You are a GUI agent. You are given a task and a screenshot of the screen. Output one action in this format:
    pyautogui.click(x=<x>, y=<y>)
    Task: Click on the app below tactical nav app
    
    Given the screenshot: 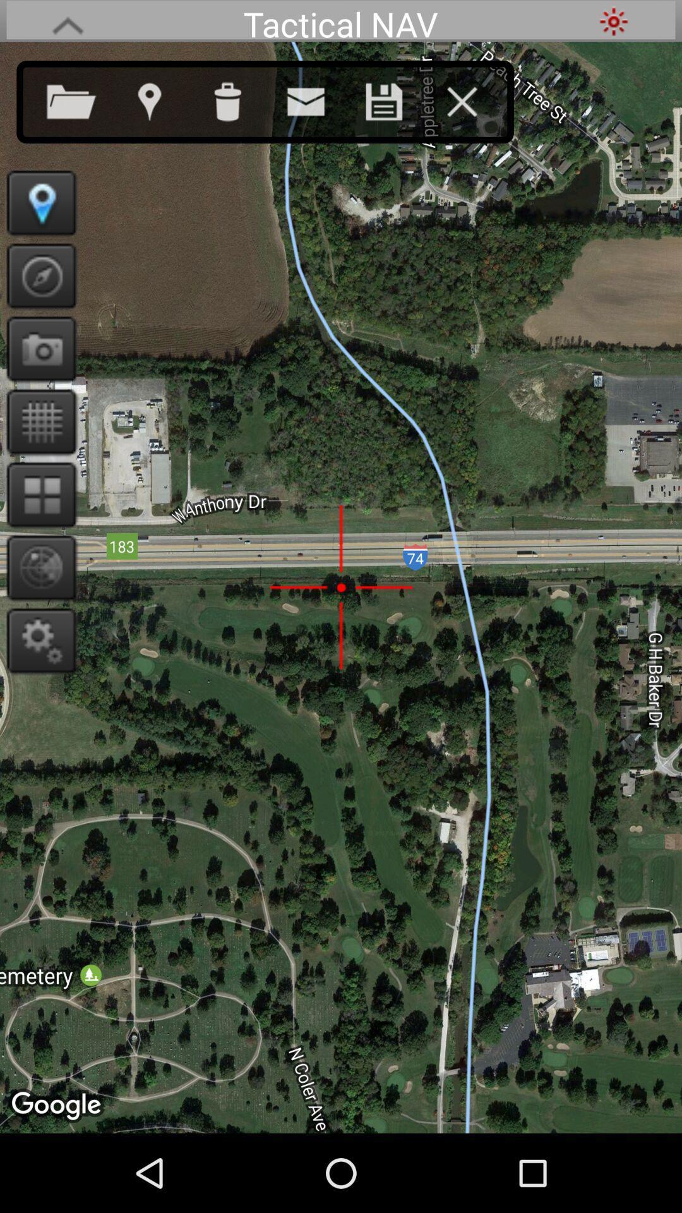 What is the action you would take?
    pyautogui.click(x=240, y=99)
    